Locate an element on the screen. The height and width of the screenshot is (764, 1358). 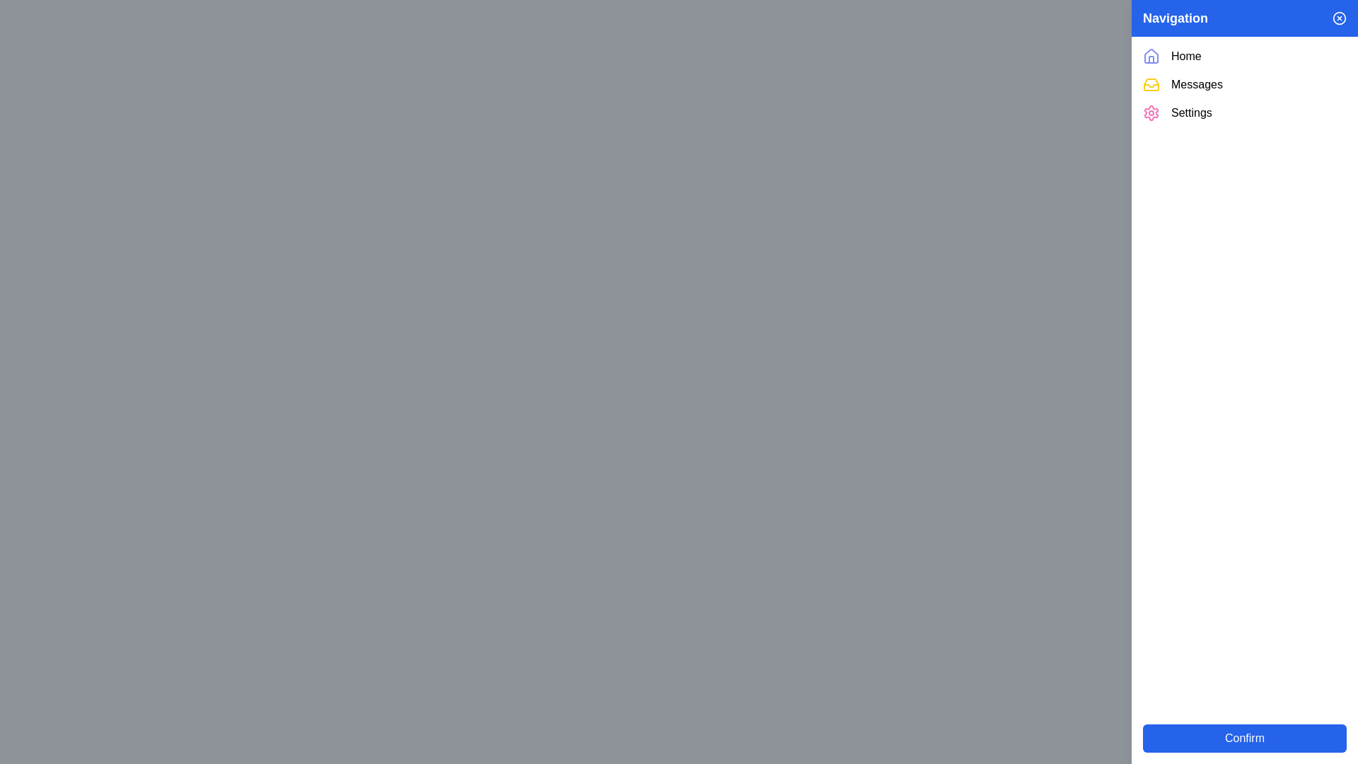
the circular blue close button with a white 'x' in the top-right corner of the Navigation header is located at coordinates (1339, 18).